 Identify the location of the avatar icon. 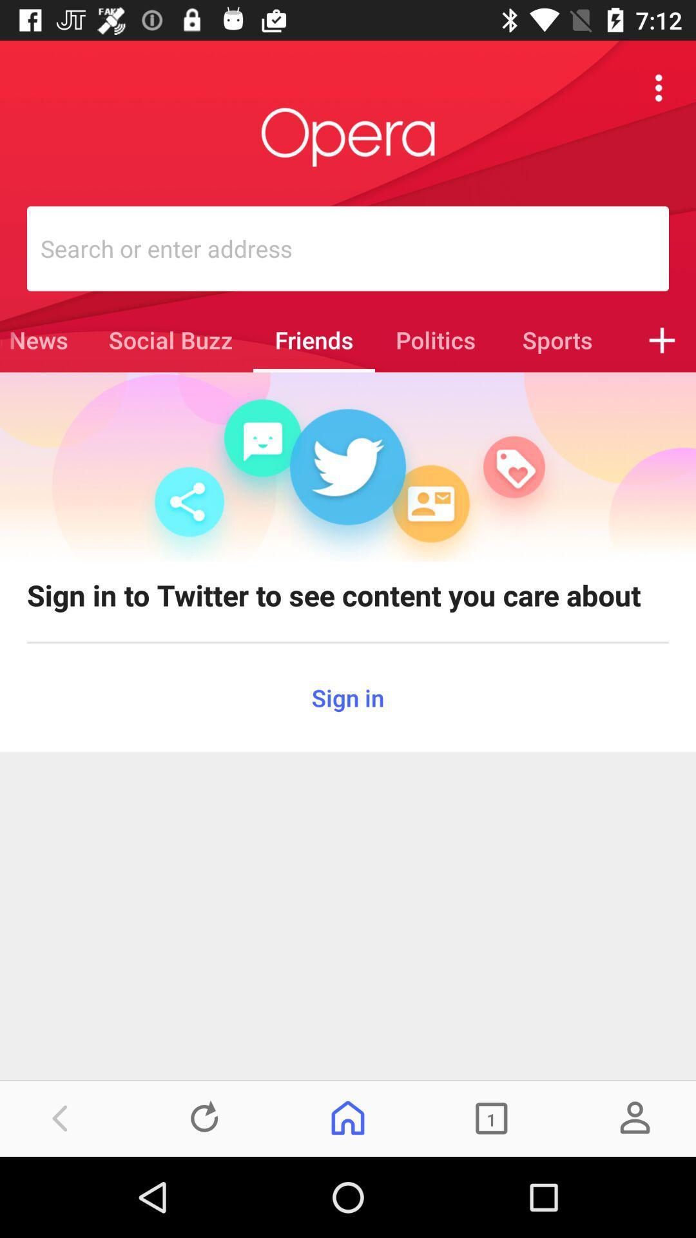
(634, 1117).